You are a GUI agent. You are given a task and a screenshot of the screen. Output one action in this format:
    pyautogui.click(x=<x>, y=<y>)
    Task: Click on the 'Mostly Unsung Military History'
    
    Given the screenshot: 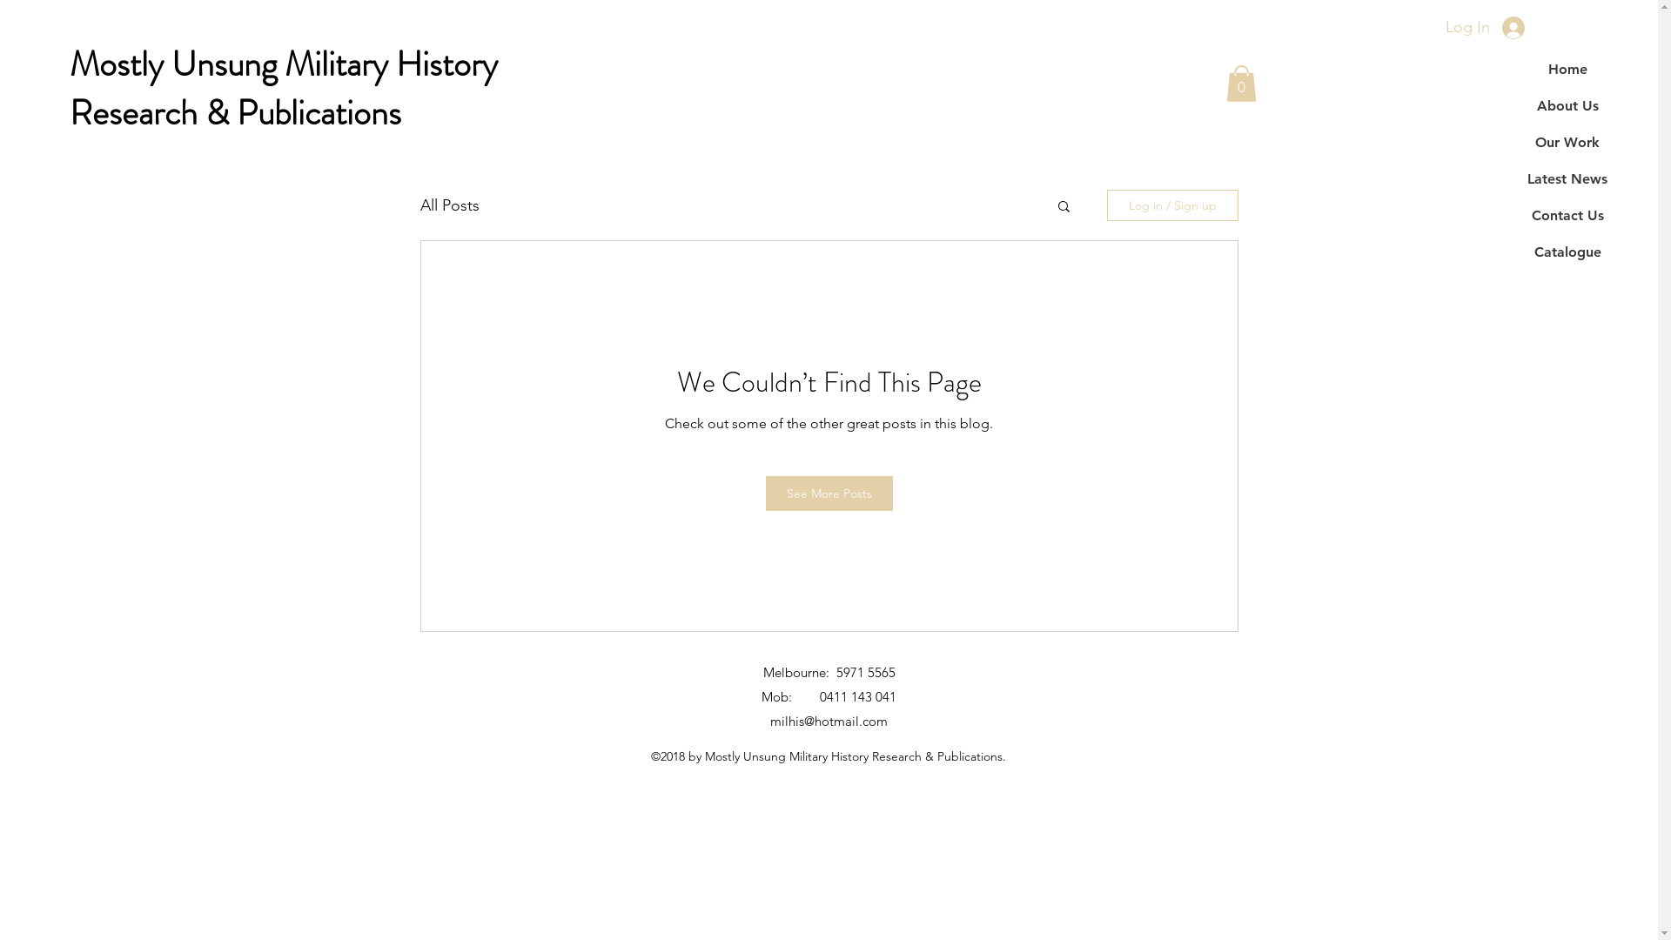 What is the action you would take?
    pyautogui.click(x=284, y=63)
    